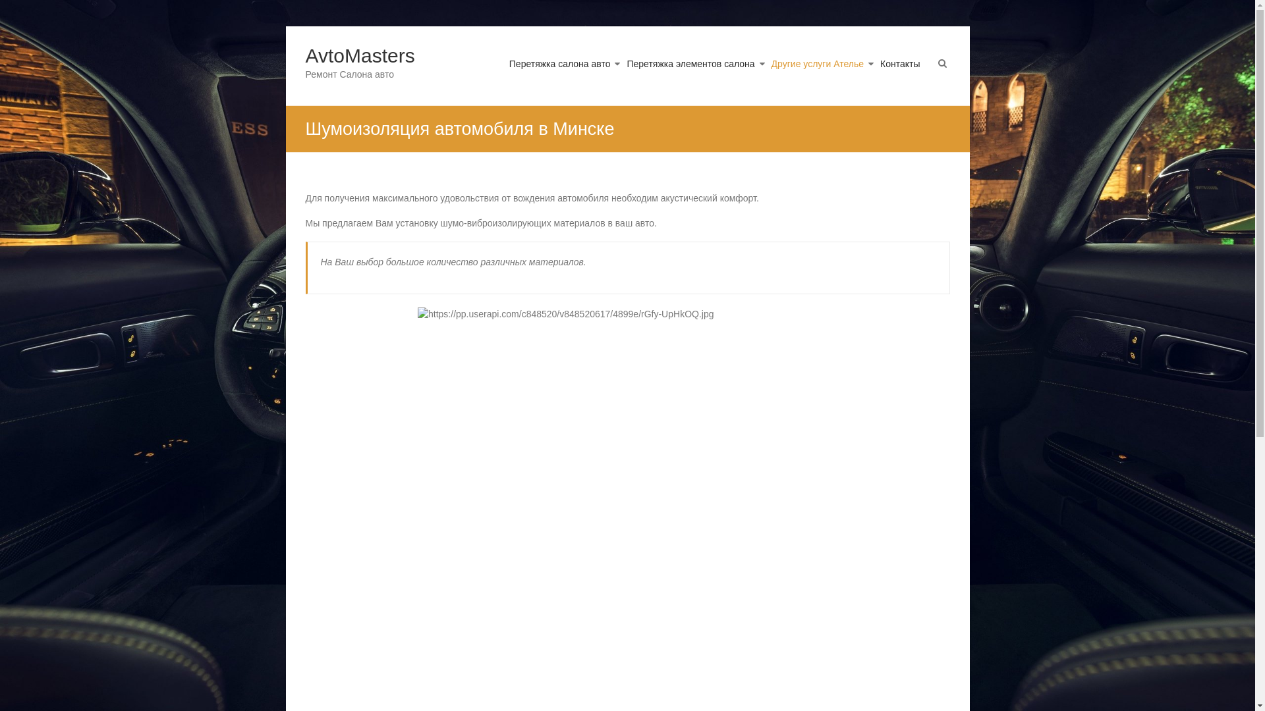 This screenshot has height=711, width=1265. What do you see at coordinates (305, 55) in the screenshot?
I see `'AvtoMasters'` at bounding box center [305, 55].